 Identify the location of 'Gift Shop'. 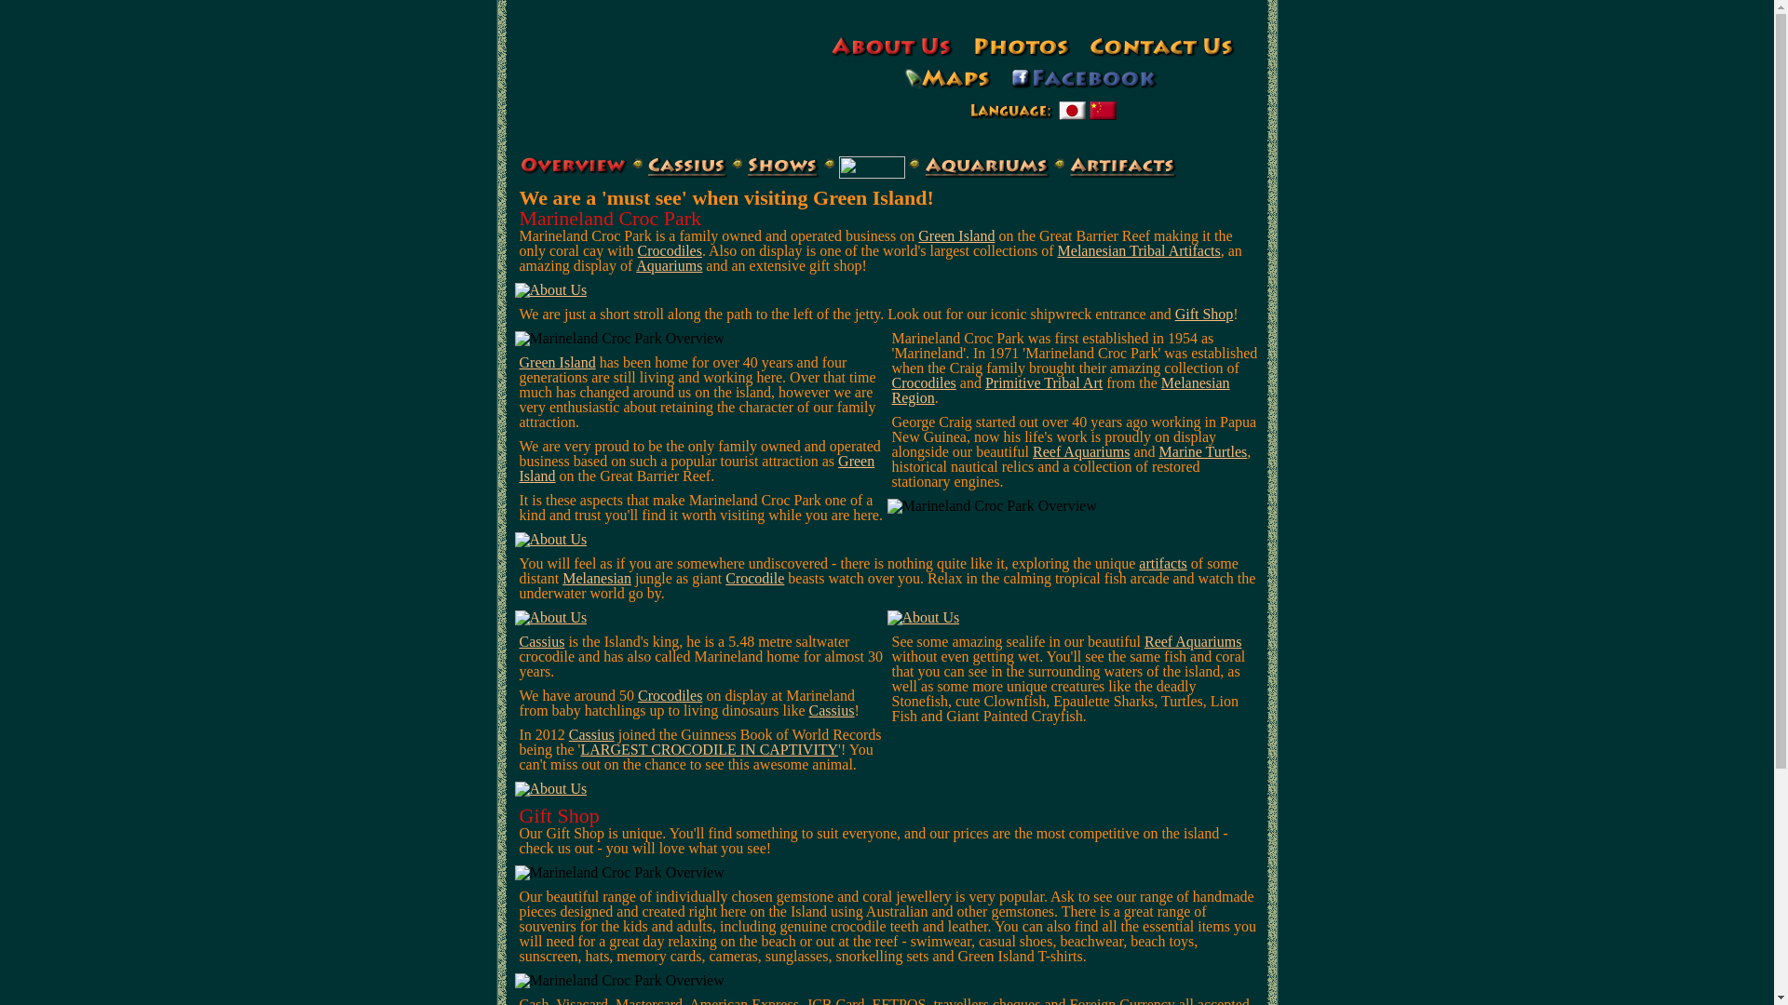
(1204, 313).